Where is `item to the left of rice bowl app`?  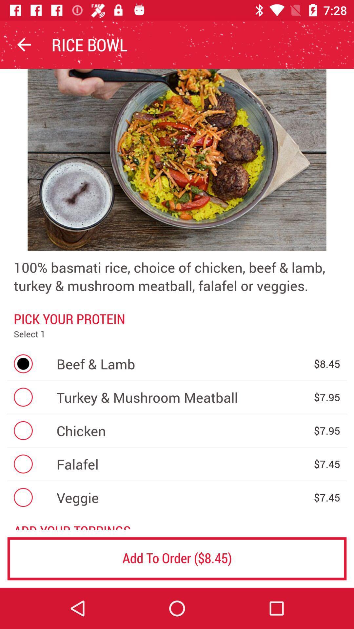
item to the left of rice bowl app is located at coordinates (24, 44).